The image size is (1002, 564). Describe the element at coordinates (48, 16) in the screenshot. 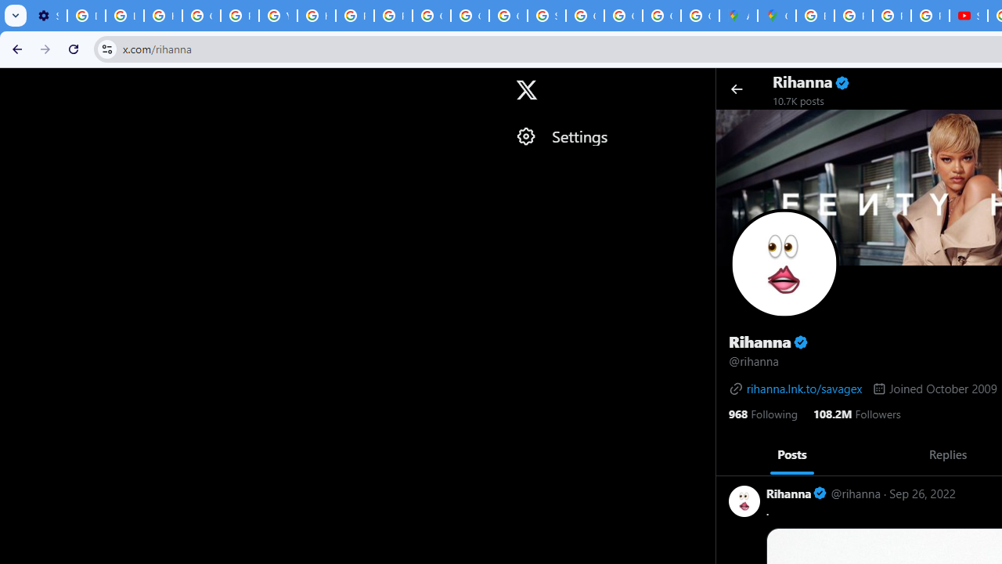

I see `'Settings - Customize profile'` at that location.